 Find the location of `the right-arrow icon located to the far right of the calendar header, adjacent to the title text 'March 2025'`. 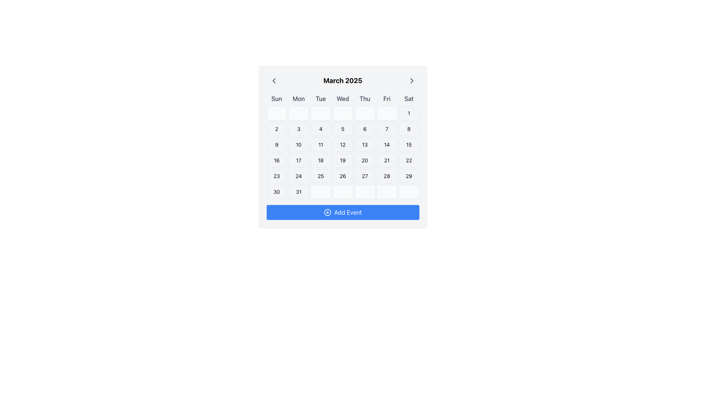

the right-arrow icon located to the far right of the calendar header, adjacent to the title text 'March 2025' is located at coordinates (411, 81).